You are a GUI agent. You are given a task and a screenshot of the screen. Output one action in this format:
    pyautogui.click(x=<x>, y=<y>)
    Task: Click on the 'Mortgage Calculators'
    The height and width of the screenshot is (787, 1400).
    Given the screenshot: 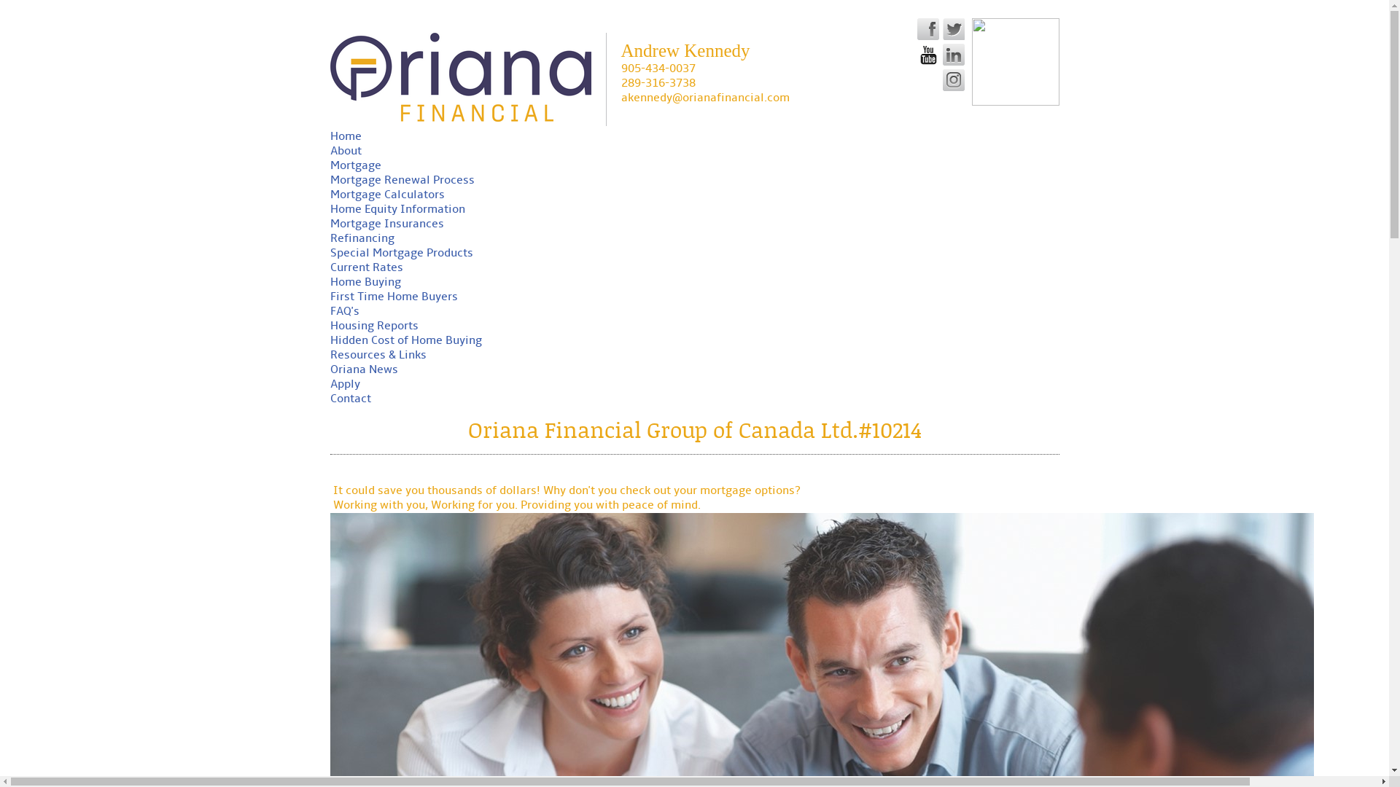 What is the action you would take?
    pyautogui.click(x=386, y=194)
    